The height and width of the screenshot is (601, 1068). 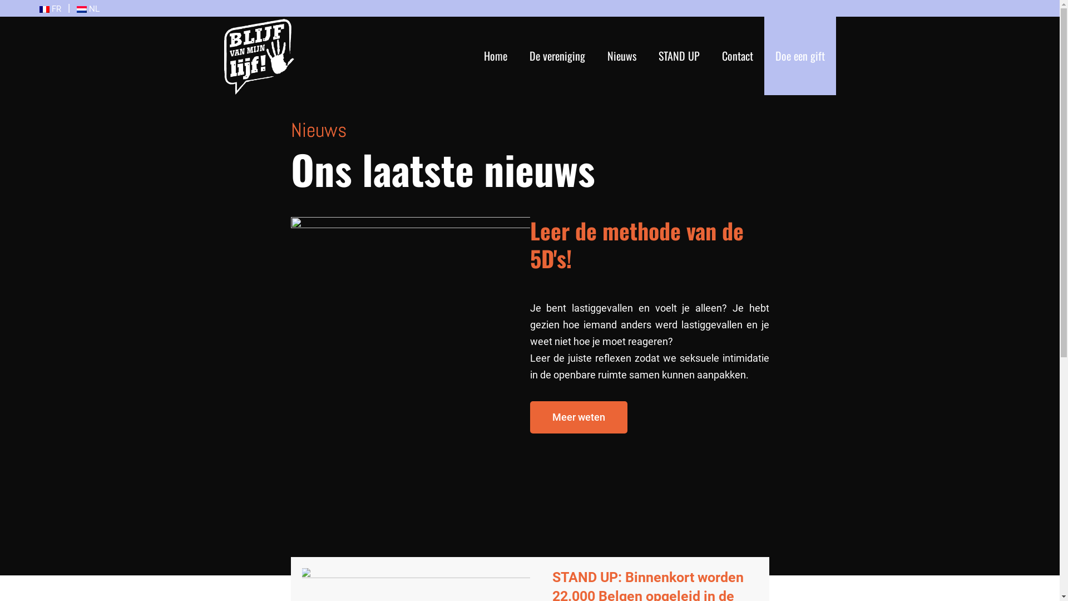 I want to click on 'STAND UP', so click(x=659, y=56).